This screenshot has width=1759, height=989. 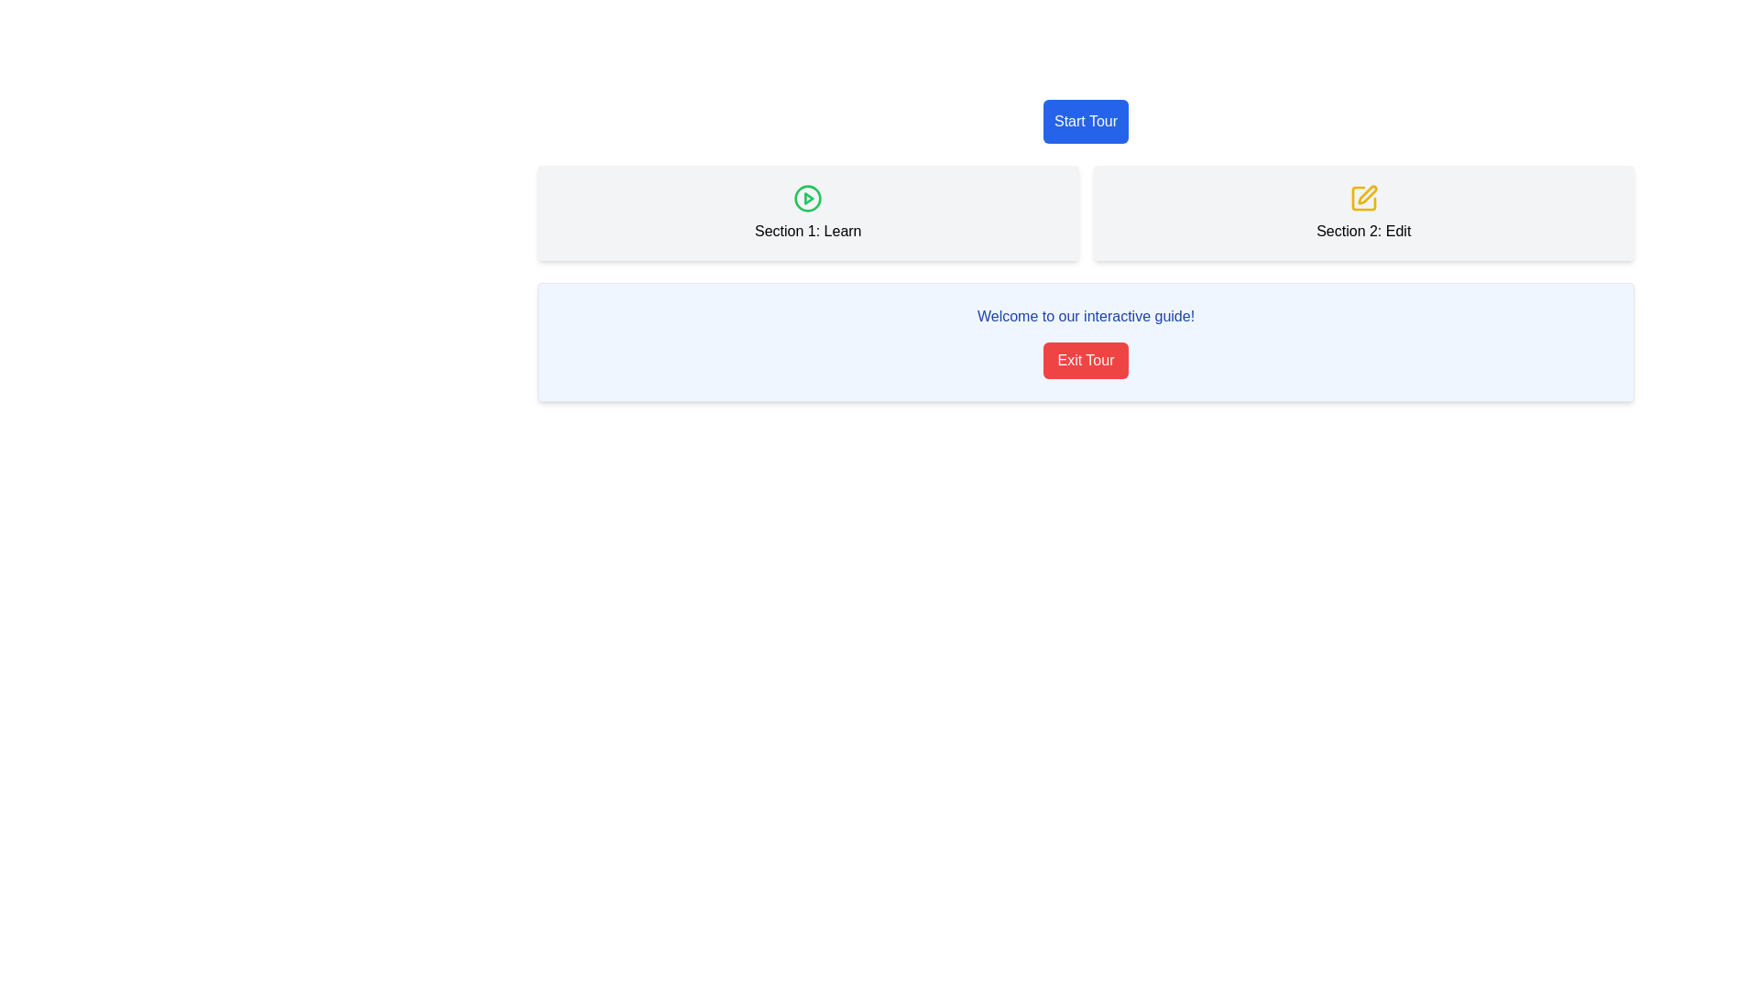 I want to click on the decorative green stroke circle element located in the upper-middle part of the interface within the 'Section 1: Learn' area, so click(x=807, y=198).